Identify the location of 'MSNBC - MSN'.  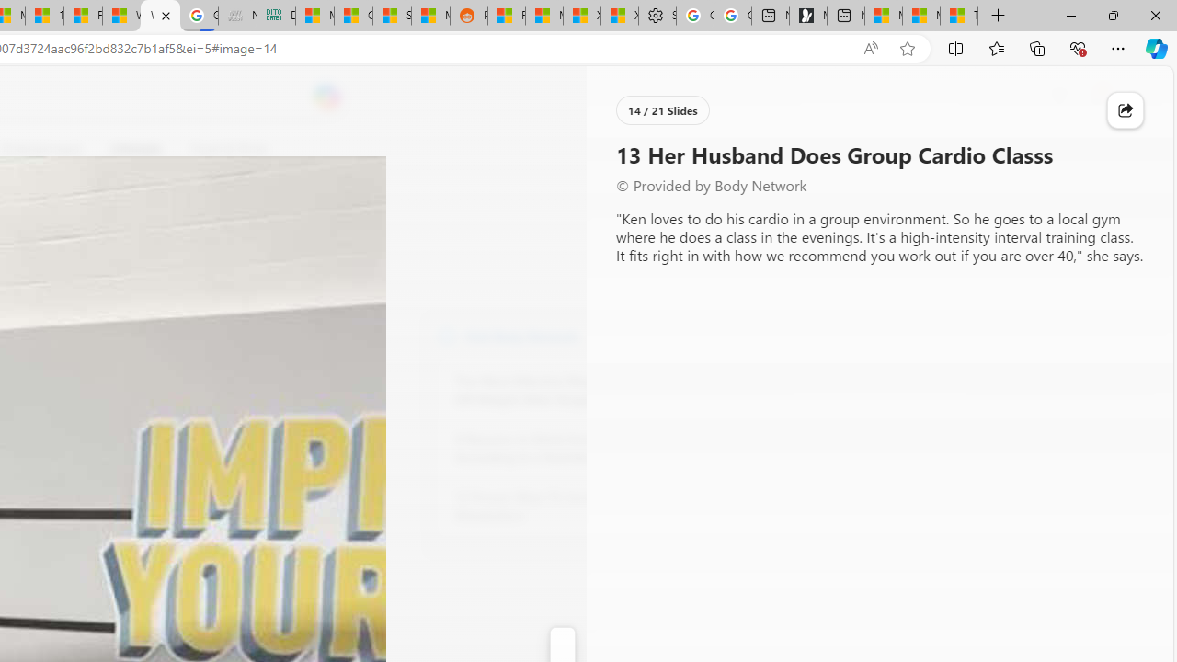
(315, 16).